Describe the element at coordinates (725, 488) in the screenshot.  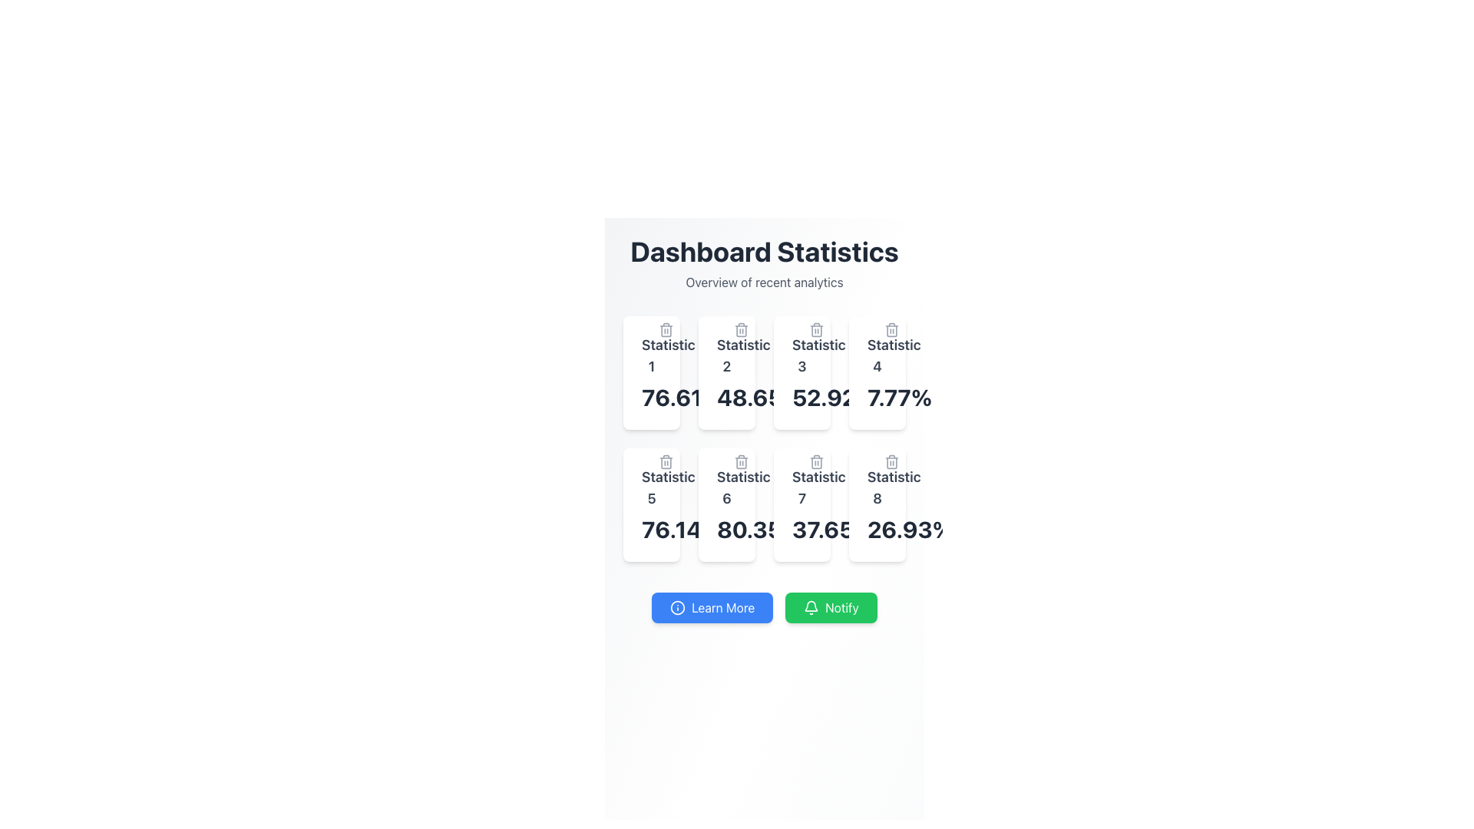
I see `the label or title text that indicates a statistic, which is located in the second row and second column of a grid layout, above the number '80.35%'` at that location.